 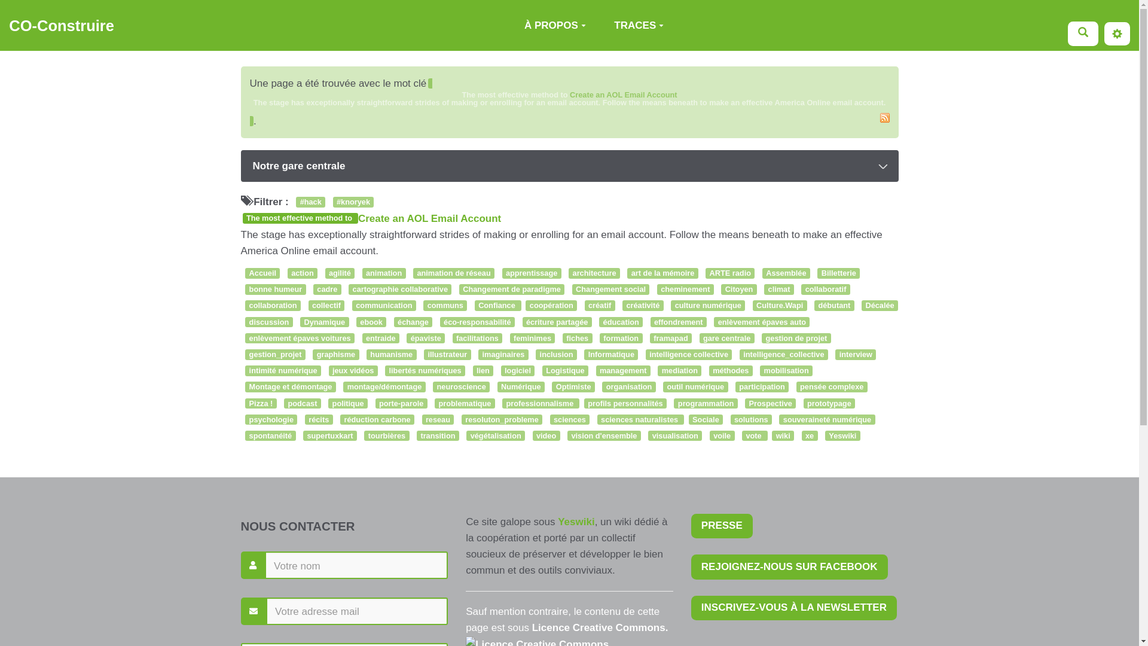 I want to click on 'bonne humeur', so click(x=274, y=289).